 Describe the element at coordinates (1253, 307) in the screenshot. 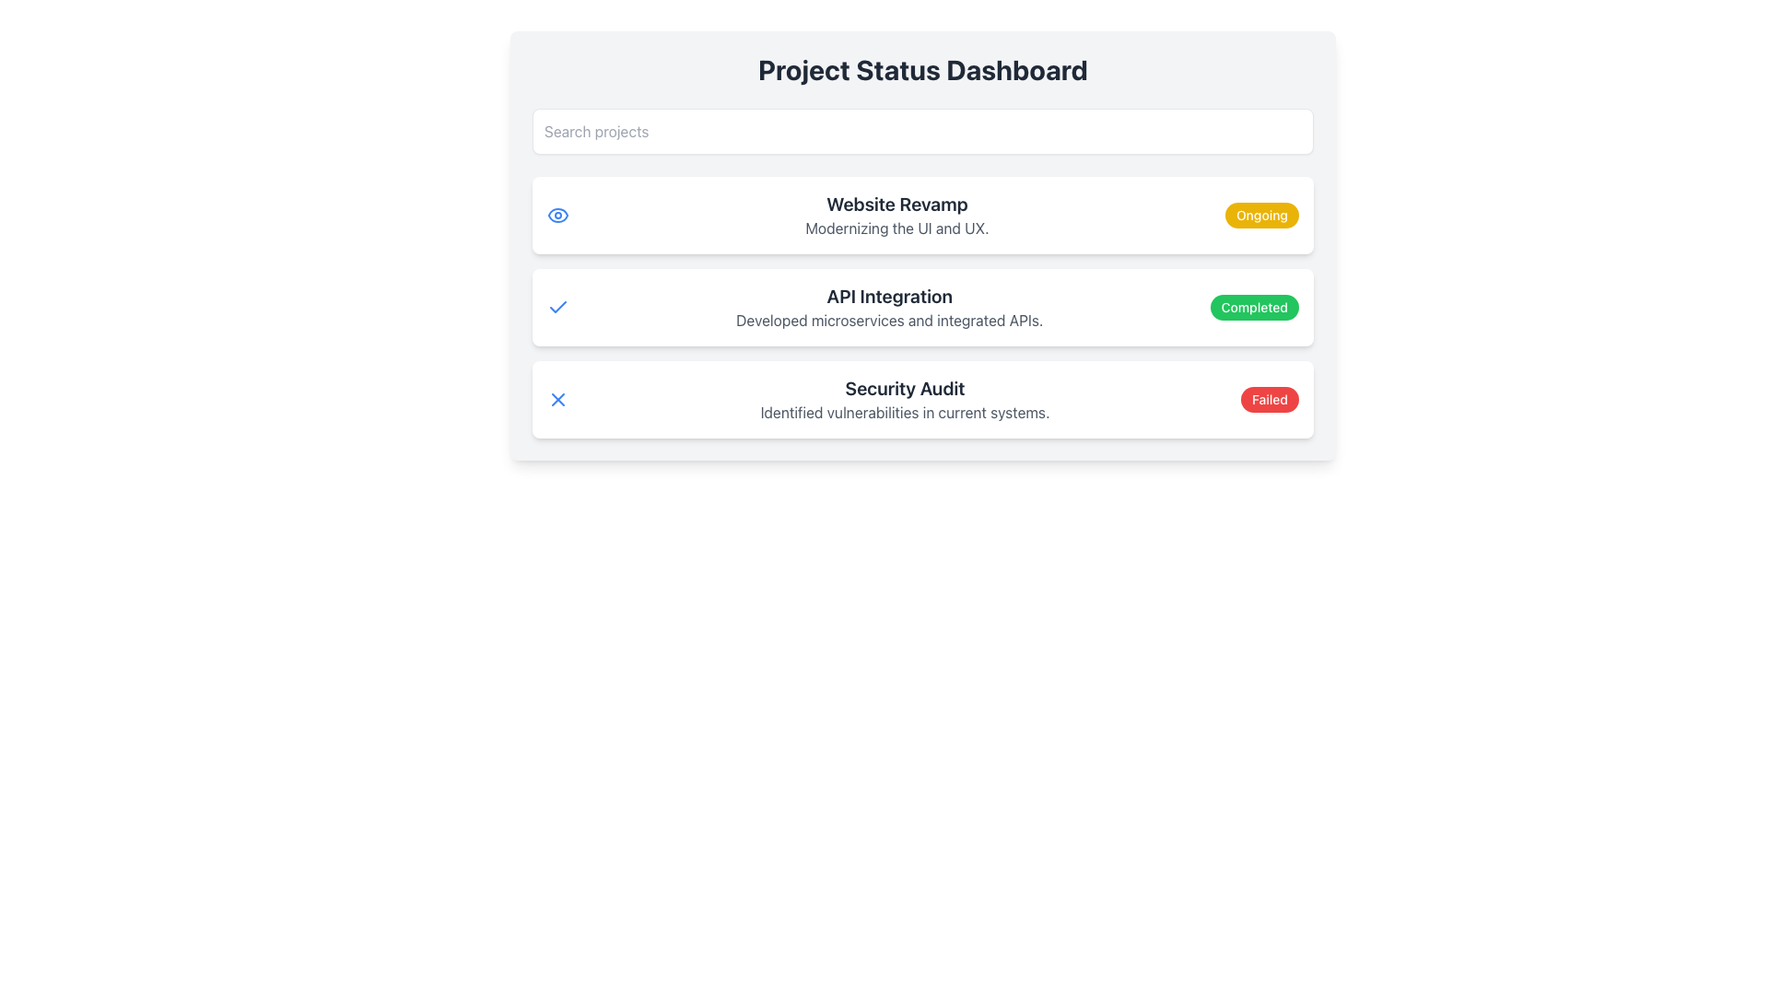

I see `the 'Completed' status label indicating the status of the 'API Integration' project within the 'Project Status Dashboard'` at that location.